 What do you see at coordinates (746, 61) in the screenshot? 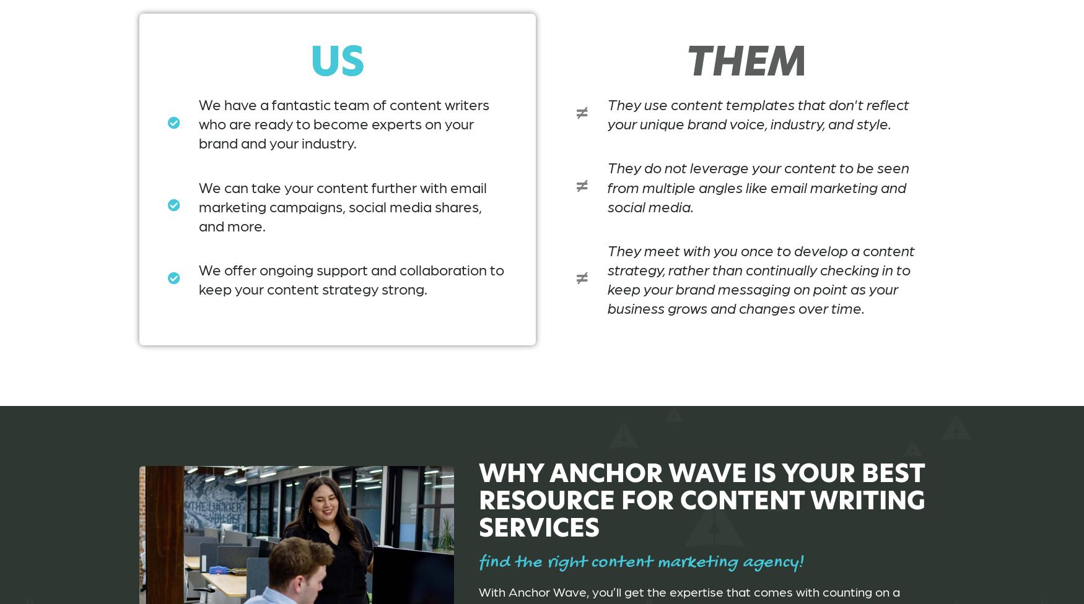
I see `'Them'` at bounding box center [746, 61].